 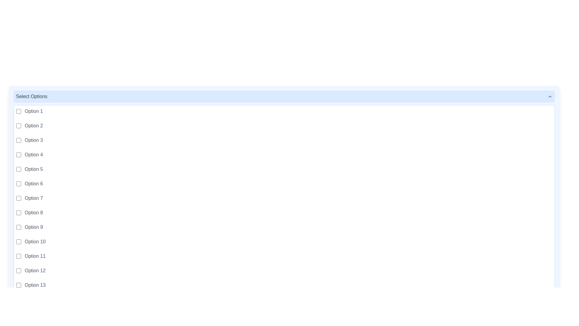 What do you see at coordinates (33, 184) in the screenshot?
I see `the text label displaying 'Option 6' associated with the interactive checkbox, which is positioned next to the checkbox in the sixth row of selectable options` at bounding box center [33, 184].